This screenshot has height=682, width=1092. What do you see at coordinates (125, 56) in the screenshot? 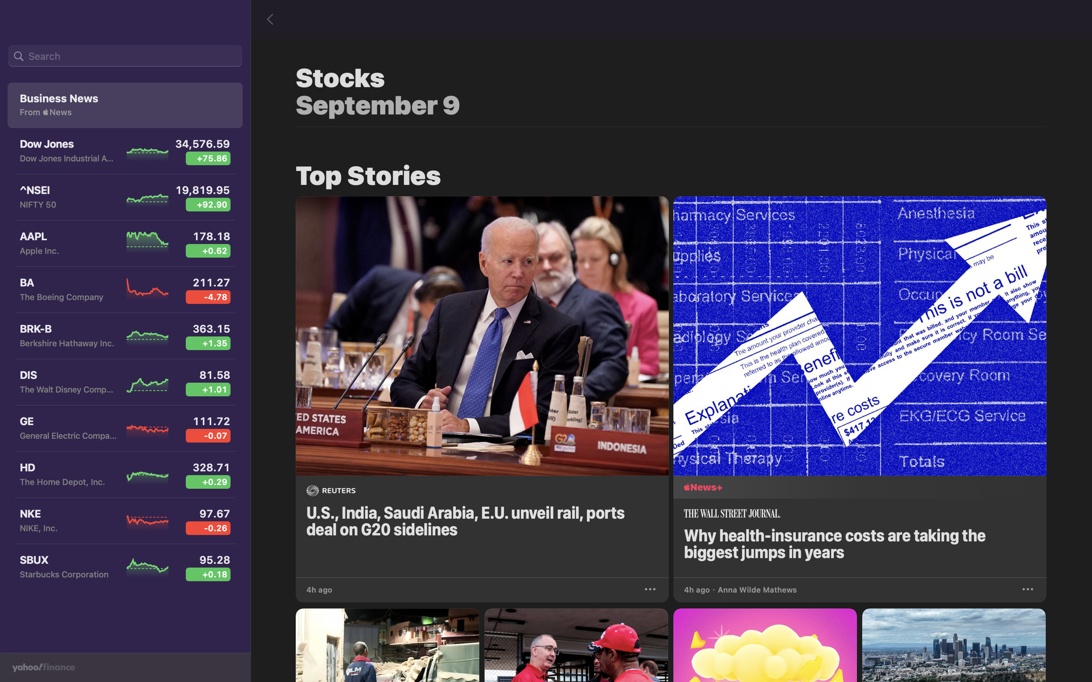
I see `Use the top left search bar to find "Apple Inc" company"s stock data` at bounding box center [125, 56].